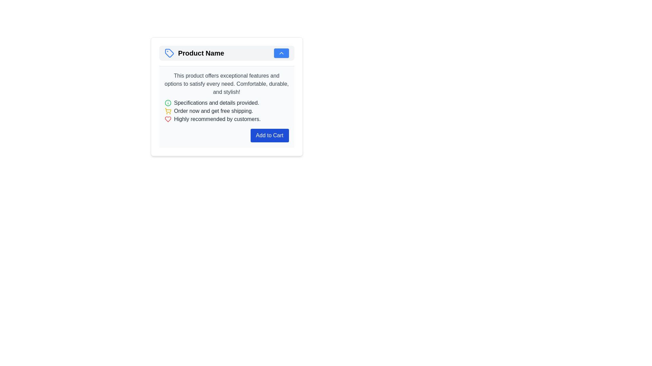  I want to click on the circular border of the 'info' icon located in the upper left area of the card interface, near the 'Product Name' label, so click(168, 103).